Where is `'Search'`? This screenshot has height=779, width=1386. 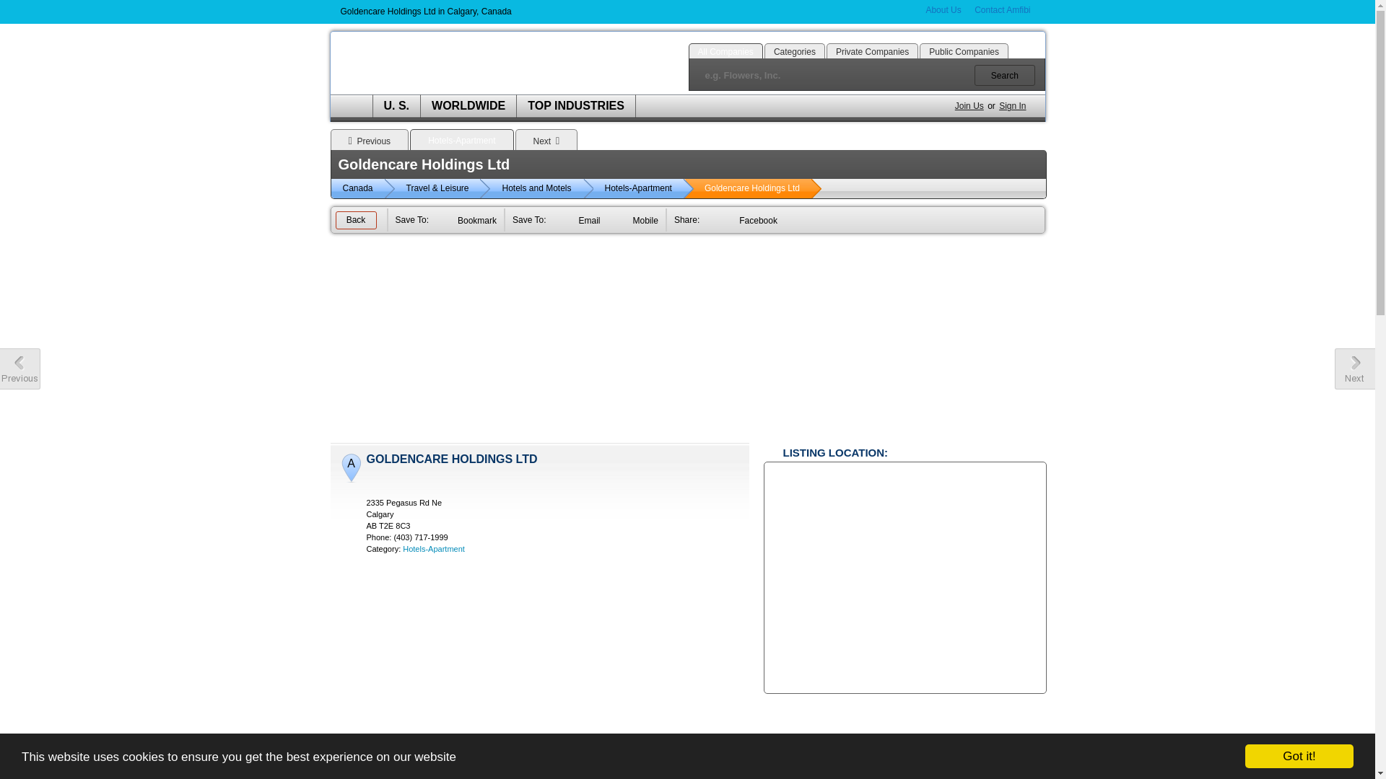 'Search' is located at coordinates (1004, 75).